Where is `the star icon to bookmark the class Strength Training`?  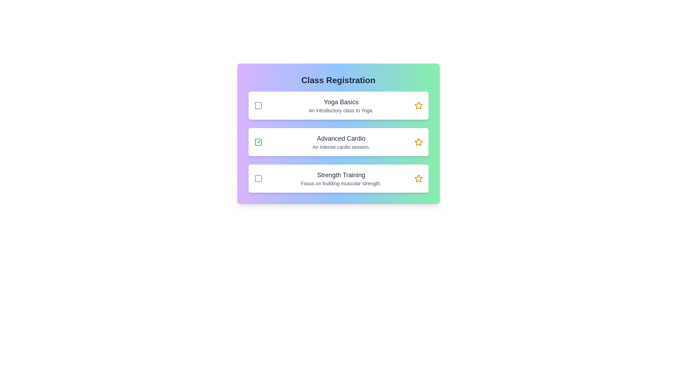 the star icon to bookmark the class Strength Training is located at coordinates (418, 178).